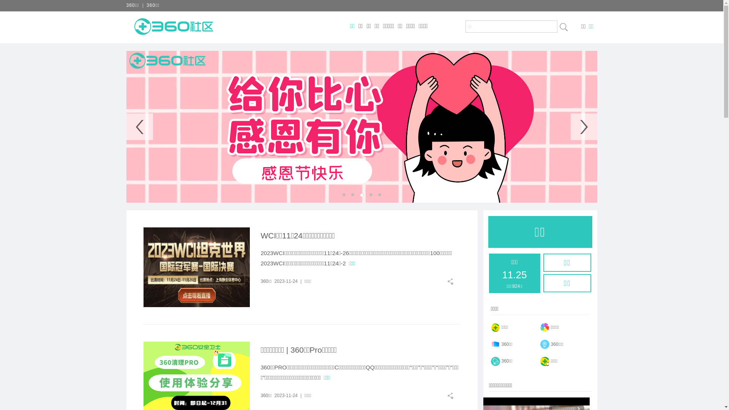 This screenshot has width=729, height=410. I want to click on ' ', so click(563, 26).